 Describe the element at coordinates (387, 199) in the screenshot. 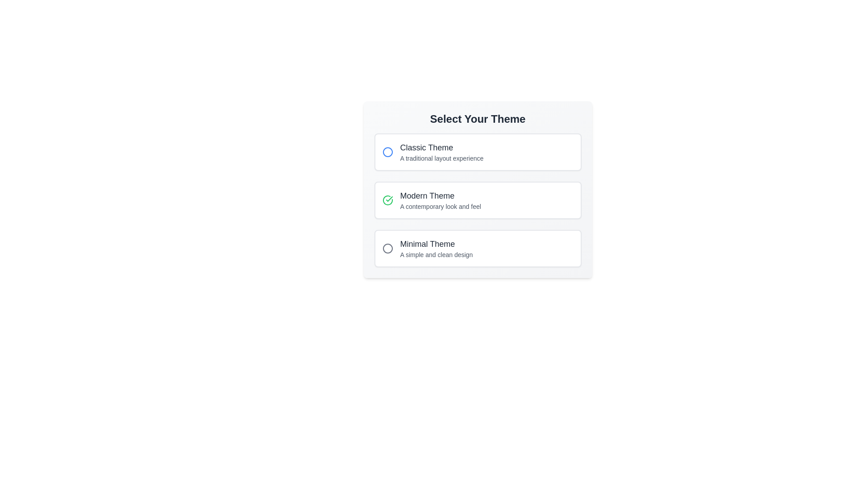

I see `the 'Modern Theme' confirmation icon located next to the text 'Modern Theme', which is the second option in the theme selection list` at that location.